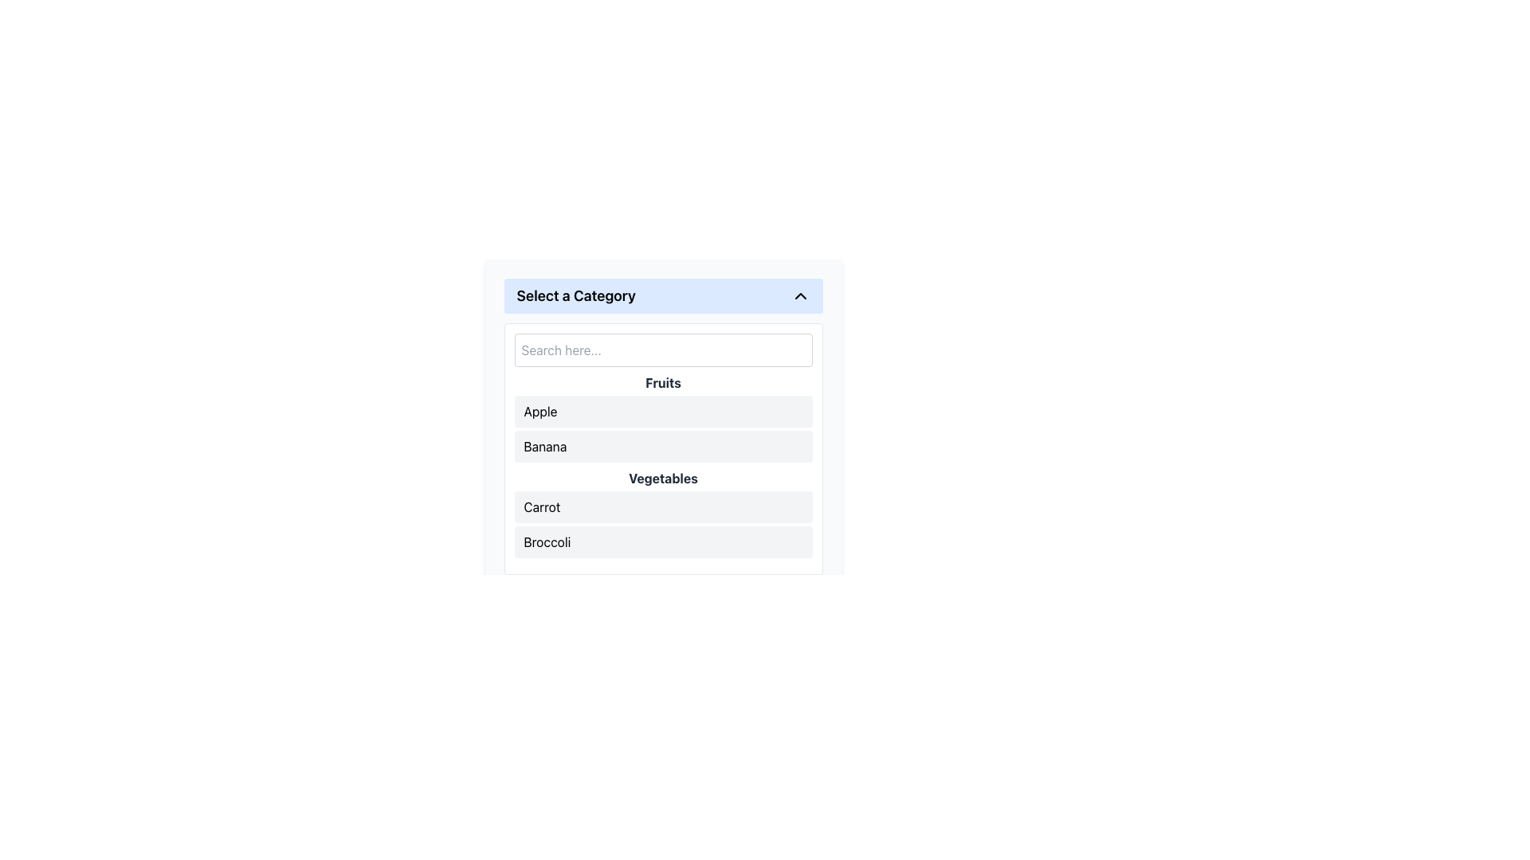 The image size is (1530, 860). I want to click on the 'Broccoli' list item, which is the second option under the 'Vegetables' category in the dropdown interface, so click(663, 541).